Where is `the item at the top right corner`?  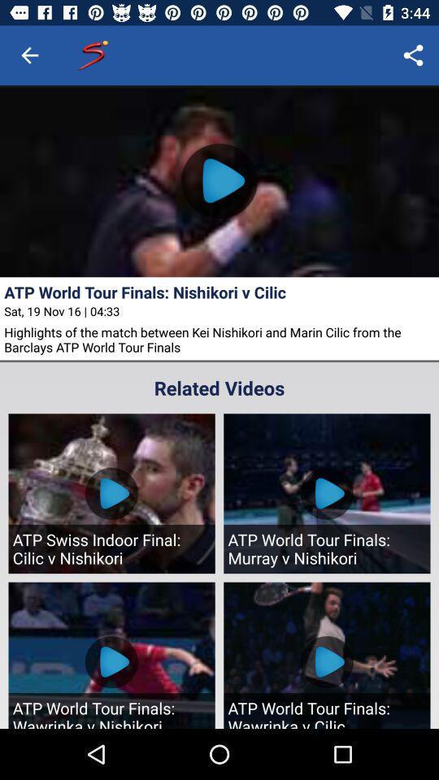
the item at the top right corner is located at coordinates (413, 55).